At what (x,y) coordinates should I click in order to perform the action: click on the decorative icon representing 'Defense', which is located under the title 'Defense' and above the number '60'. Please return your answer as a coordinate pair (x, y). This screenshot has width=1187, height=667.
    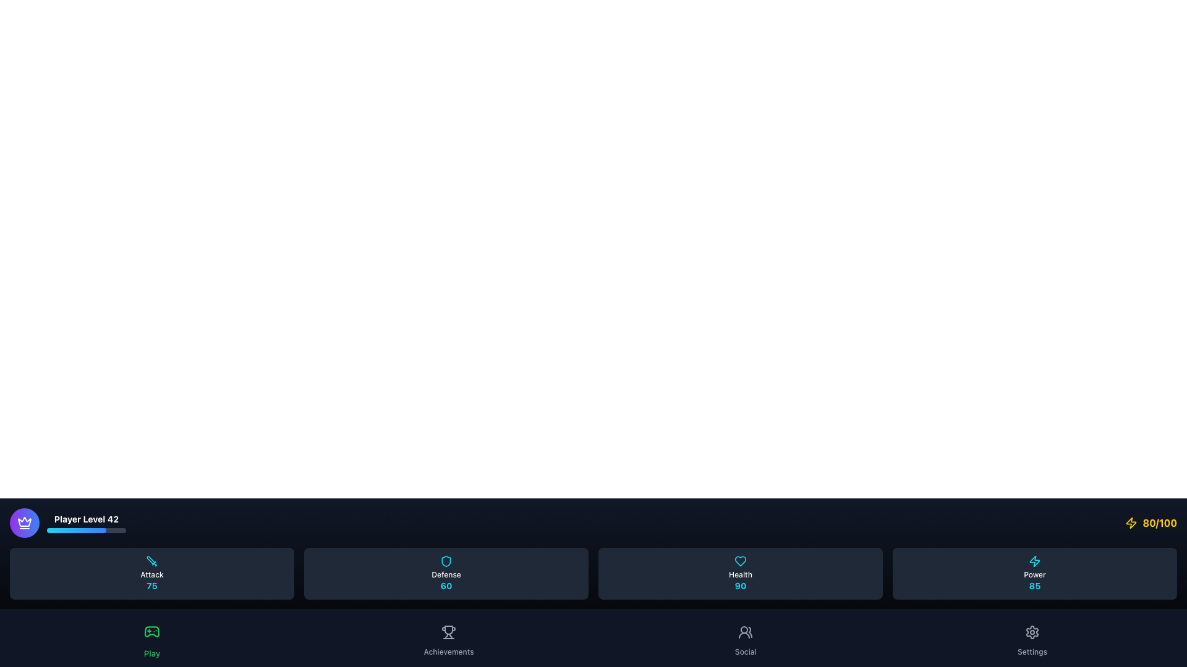
    Looking at the image, I should click on (445, 561).